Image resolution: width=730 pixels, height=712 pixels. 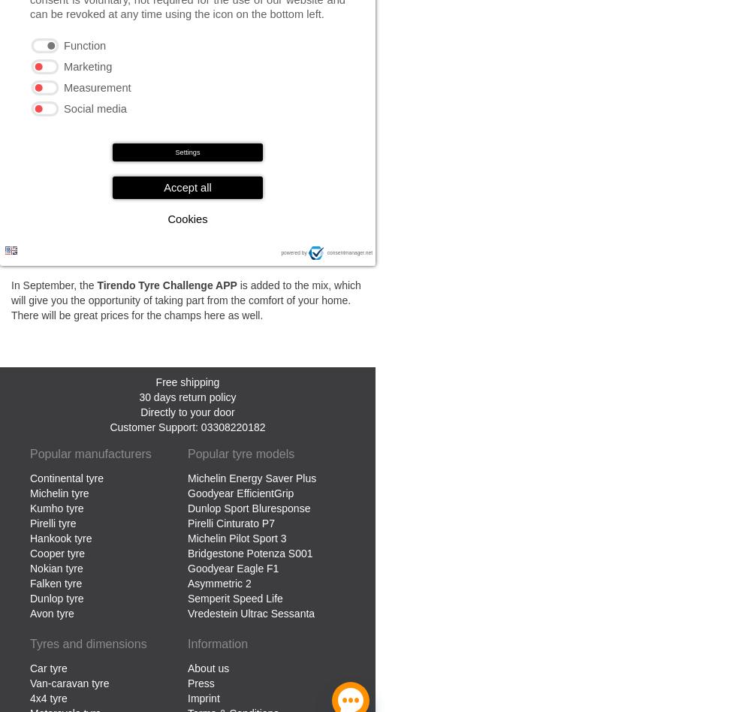 What do you see at coordinates (96, 39) in the screenshot?
I see `'Here is an overview of the scores:'` at bounding box center [96, 39].